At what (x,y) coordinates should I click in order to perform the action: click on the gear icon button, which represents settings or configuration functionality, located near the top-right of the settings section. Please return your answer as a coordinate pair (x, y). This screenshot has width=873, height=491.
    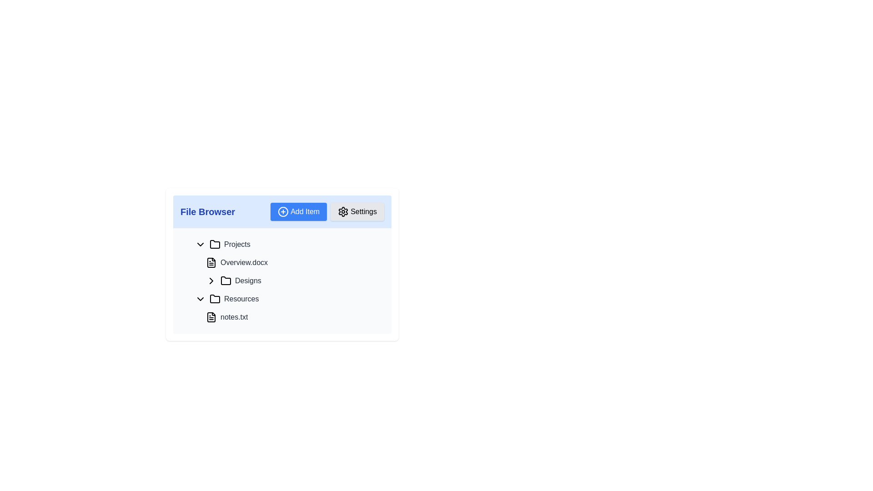
    Looking at the image, I should click on (342, 212).